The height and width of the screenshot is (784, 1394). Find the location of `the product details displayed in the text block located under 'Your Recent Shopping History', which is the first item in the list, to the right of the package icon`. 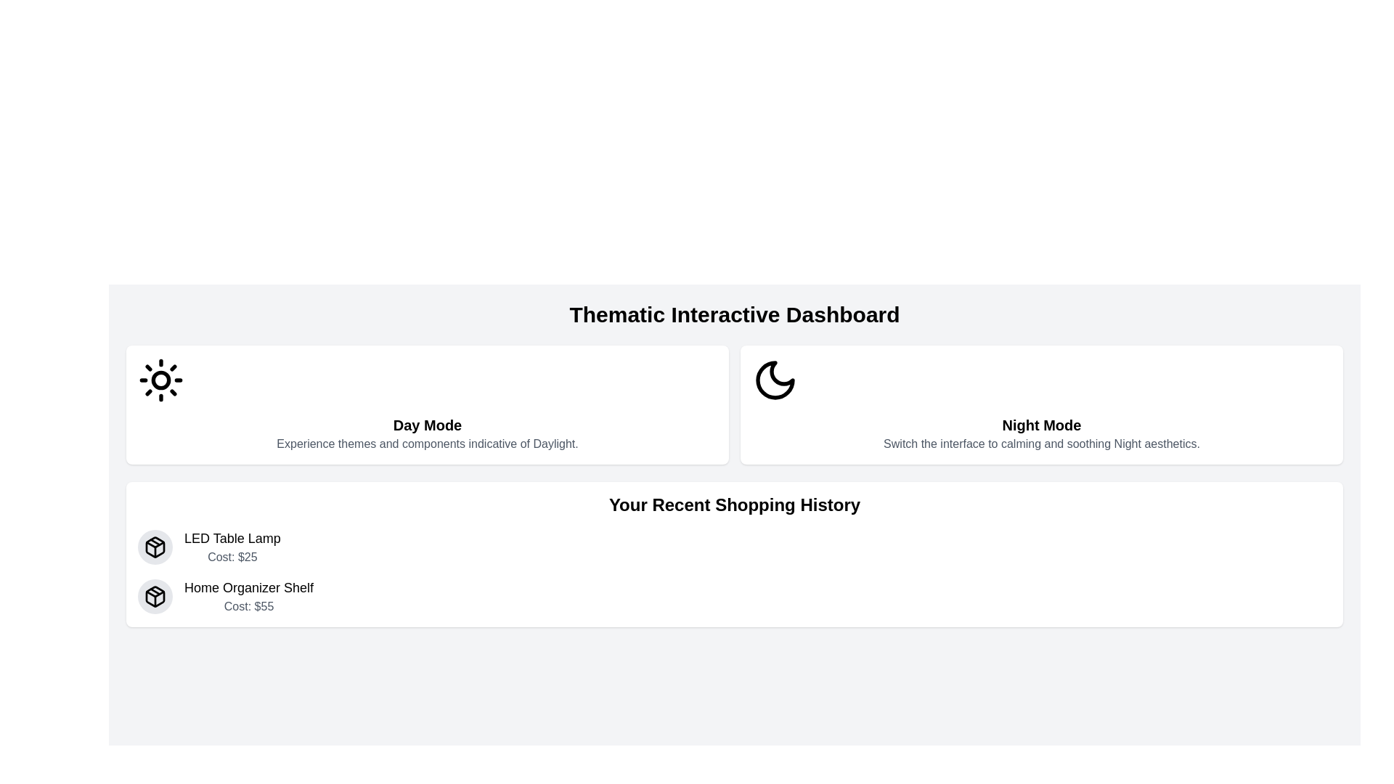

the product details displayed in the text block located under 'Your Recent Shopping History', which is the first item in the list, to the right of the package icon is located at coordinates (232, 547).